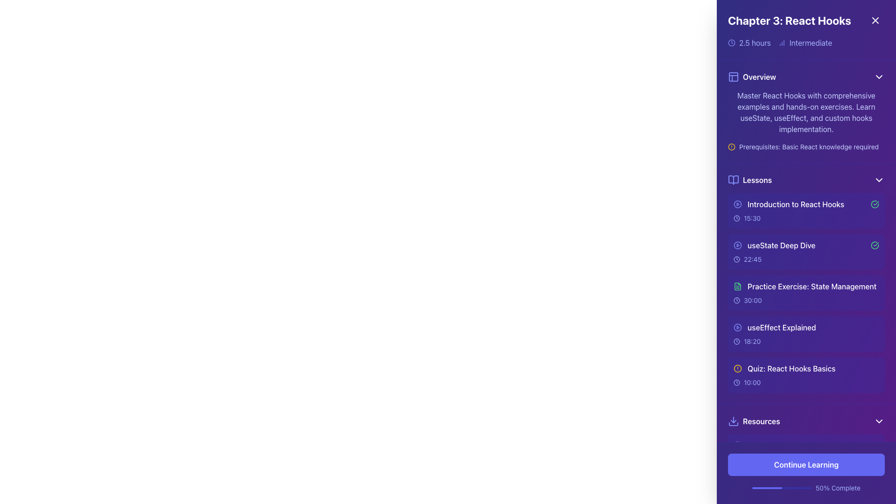  What do you see at coordinates (752, 218) in the screenshot?
I see `the informational Text label that indicates the duration related to the lesson topic, located to the right of the clock icon and below the 'Introduction to React Hooks' heading` at bounding box center [752, 218].